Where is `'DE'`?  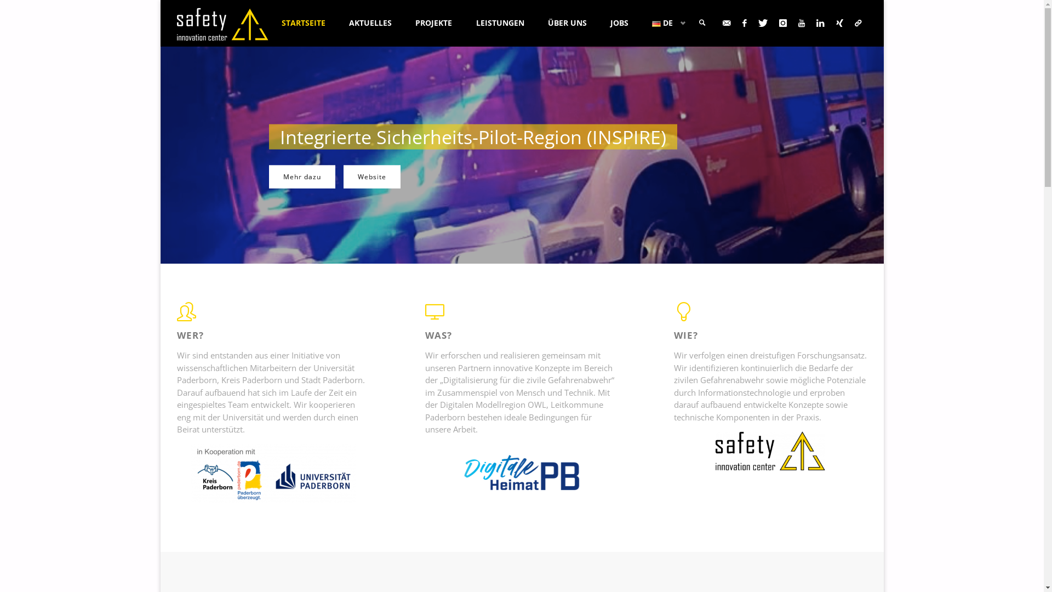
'DE' is located at coordinates (666, 23).